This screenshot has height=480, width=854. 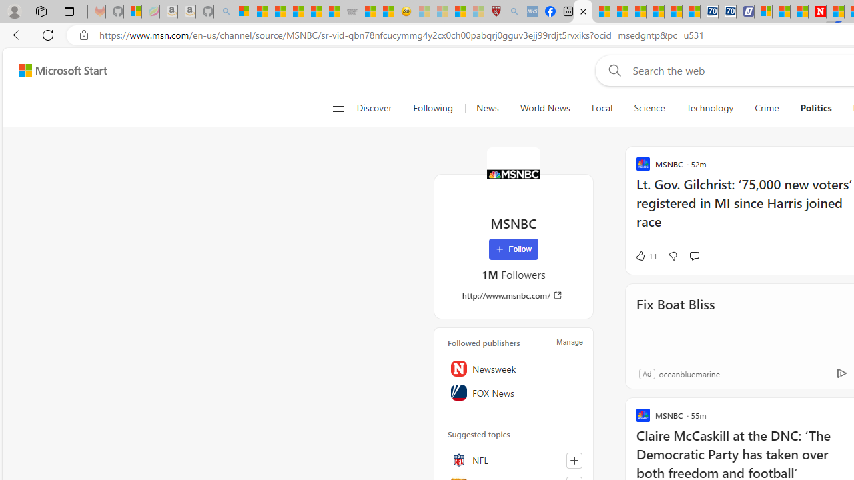 What do you see at coordinates (689, 373) in the screenshot?
I see `'oceanbluemarine'` at bounding box center [689, 373].